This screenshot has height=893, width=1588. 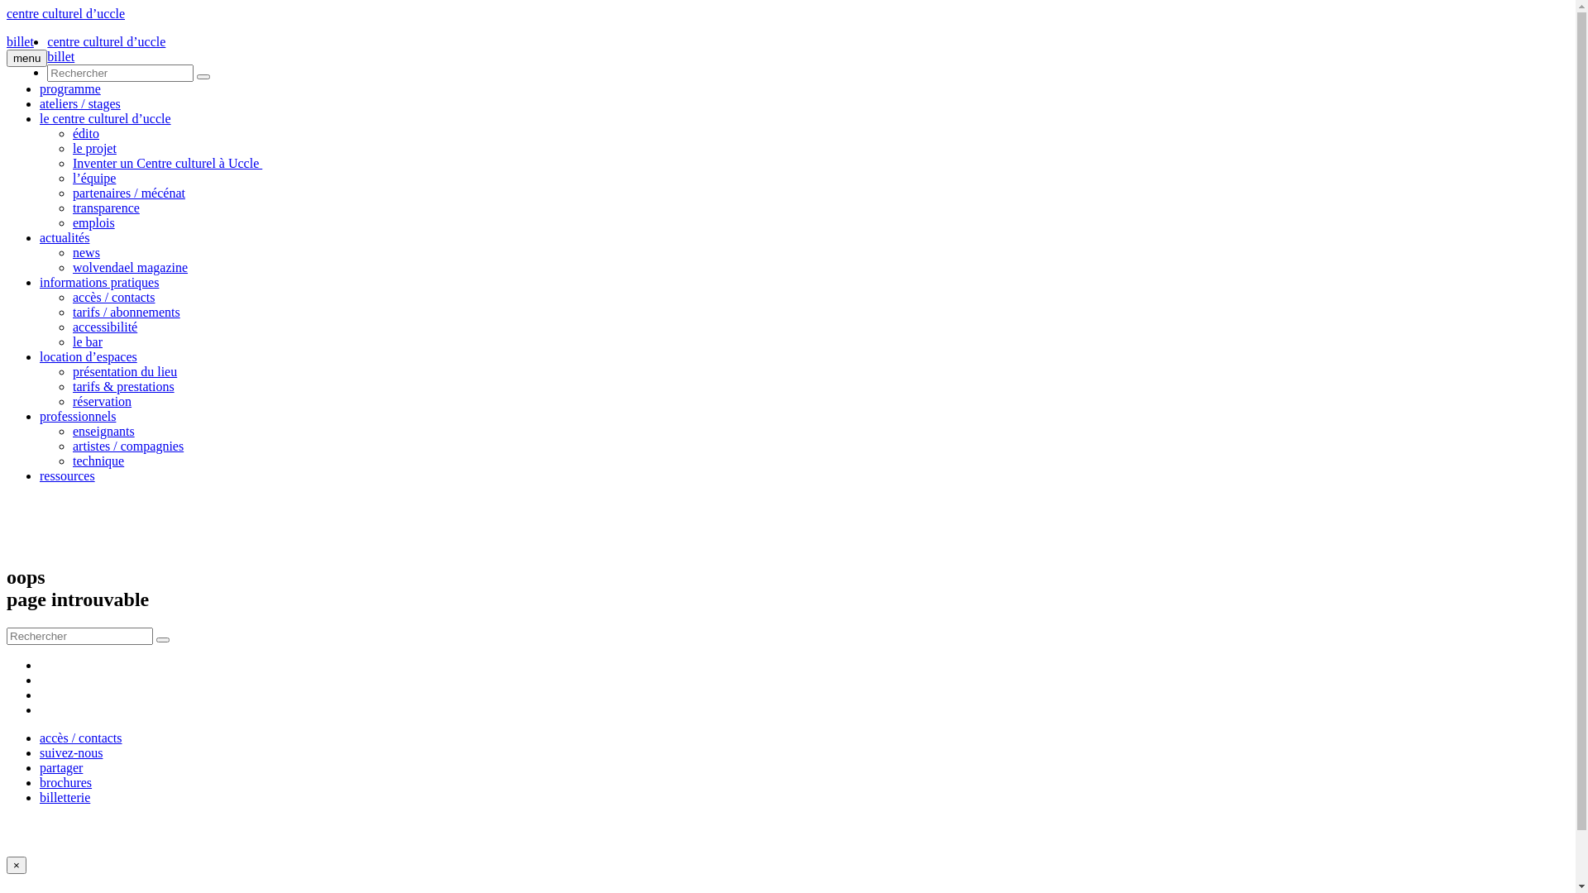 What do you see at coordinates (77, 415) in the screenshot?
I see `'professionnels'` at bounding box center [77, 415].